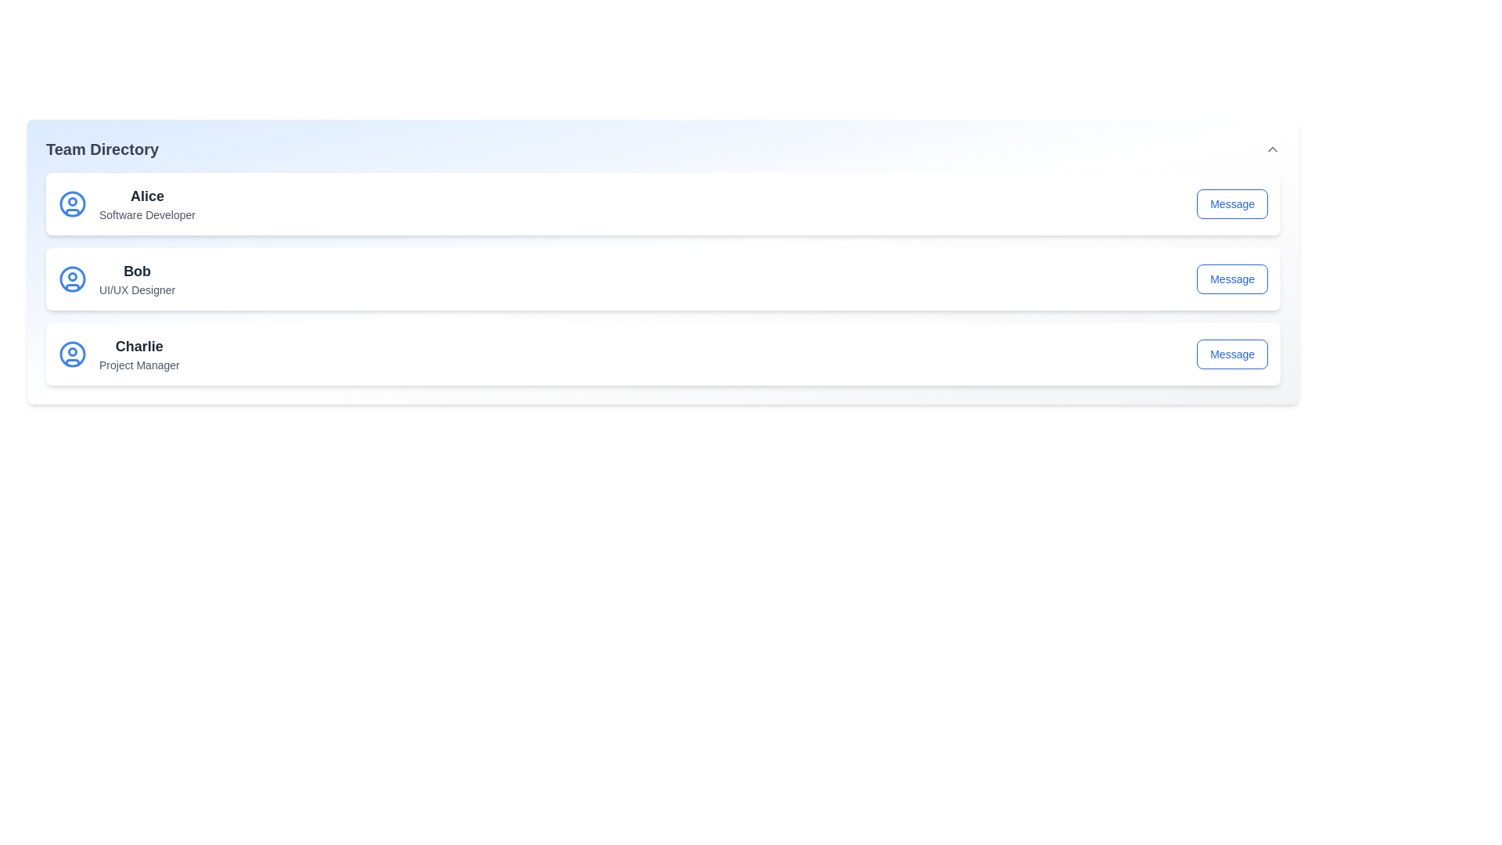 This screenshot has height=845, width=1502. I want to click on the rectangular button with a blue border and the text 'Message', so click(1231, 279).